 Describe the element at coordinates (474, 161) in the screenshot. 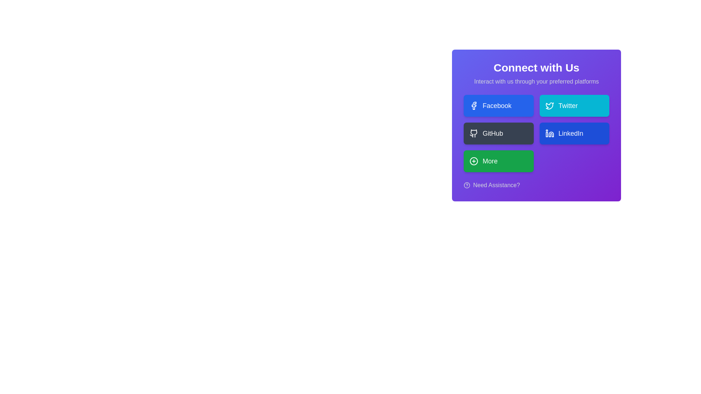

I see `the decorative SVG graphic element within the 'More' button, which is located in the vertical stack on the right side of the interface` at that location.